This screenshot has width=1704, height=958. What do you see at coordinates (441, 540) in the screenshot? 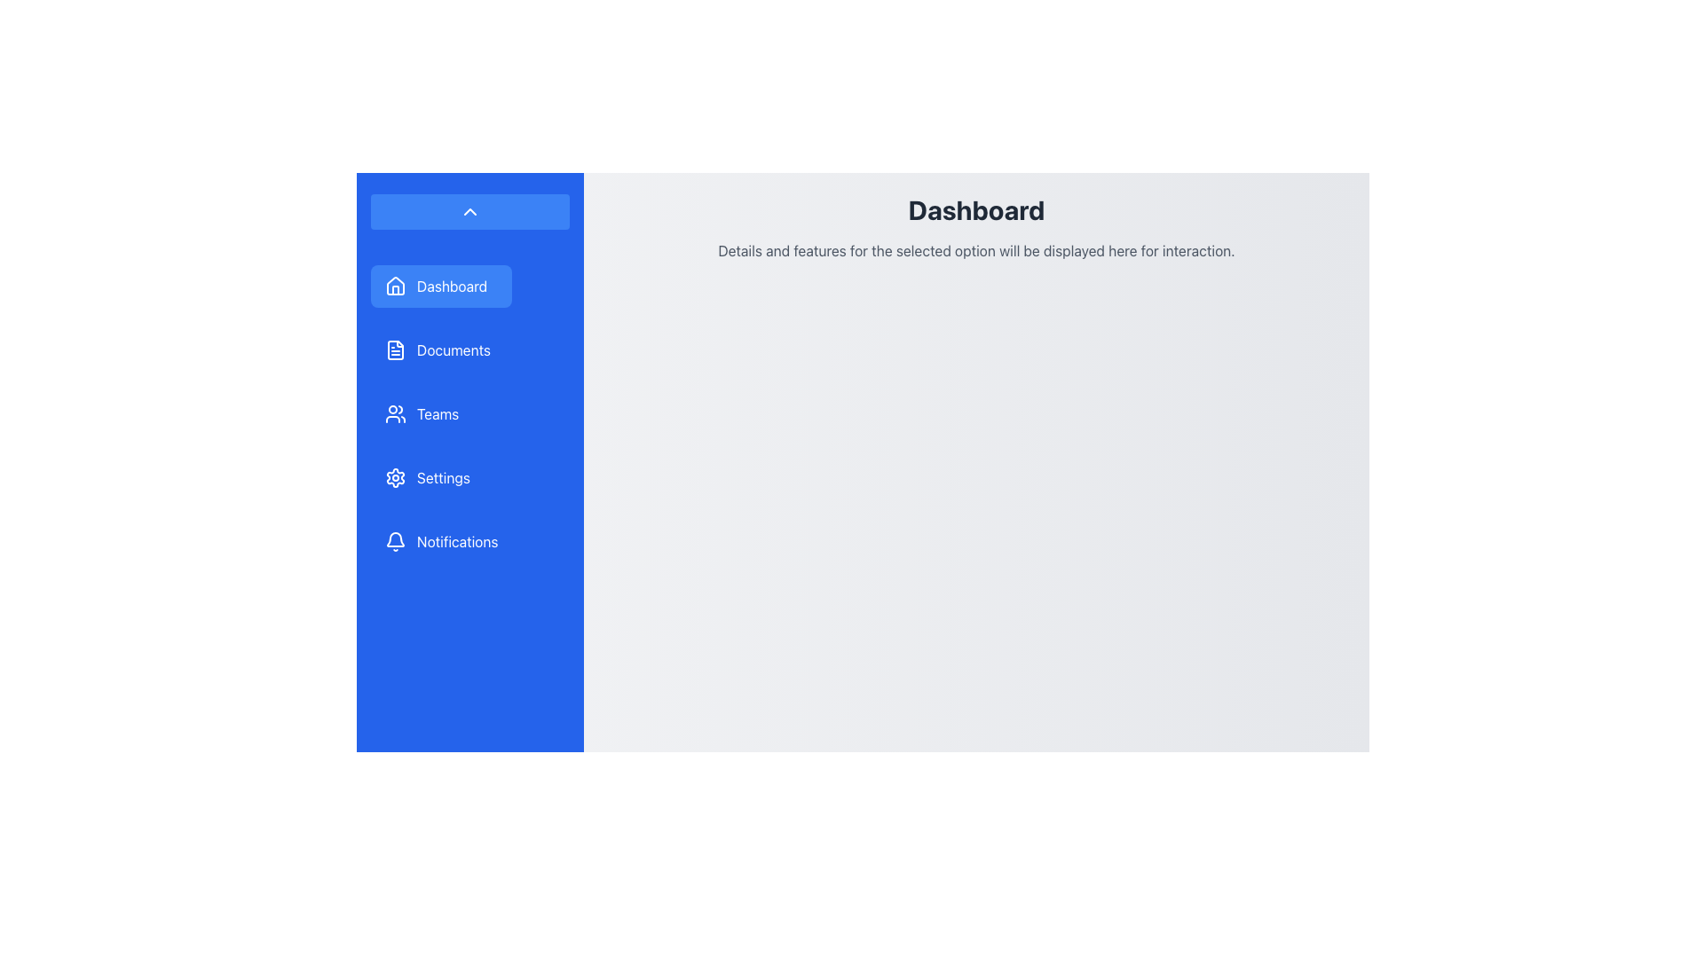
I see `the 'Notifications' button in the left vertical navigation menu for keyboard navigation access` at bounding box center [441, 540].